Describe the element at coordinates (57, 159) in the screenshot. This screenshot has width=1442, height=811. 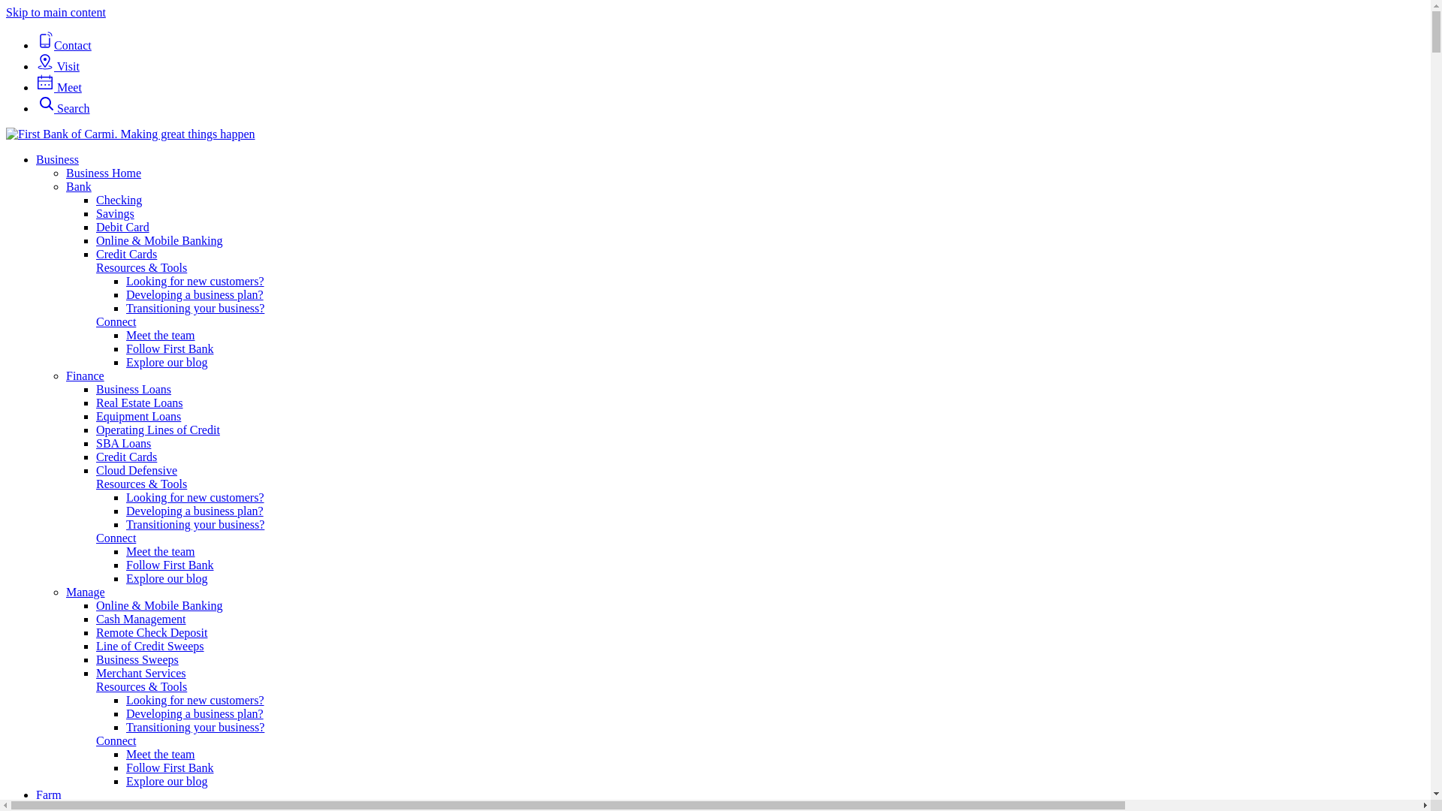
I see `'Business'` at that location.